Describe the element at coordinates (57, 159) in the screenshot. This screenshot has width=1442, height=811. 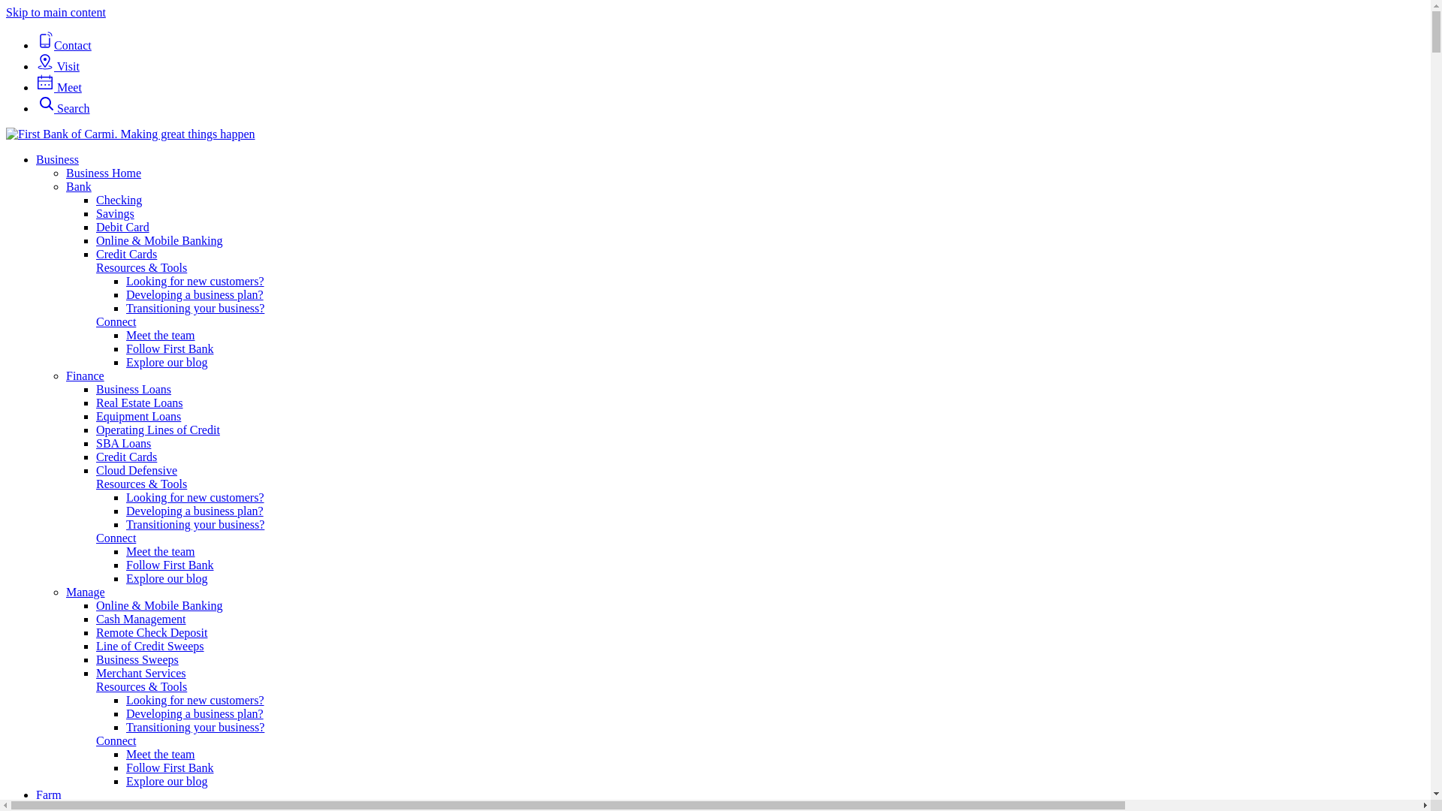
I see `'Business'` at that location.